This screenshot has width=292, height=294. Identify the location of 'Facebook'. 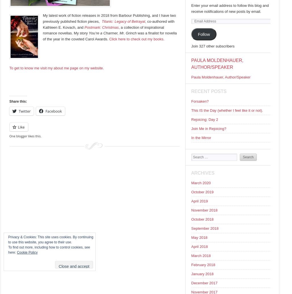
(54, 111).